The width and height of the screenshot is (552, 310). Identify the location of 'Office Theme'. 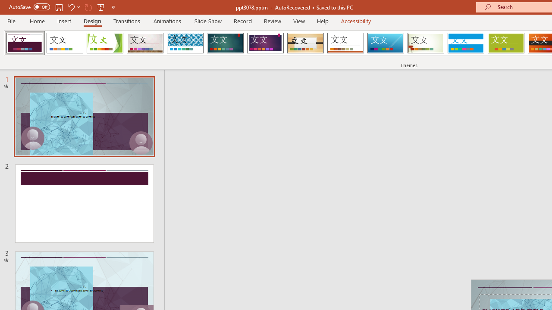
(64, 43).